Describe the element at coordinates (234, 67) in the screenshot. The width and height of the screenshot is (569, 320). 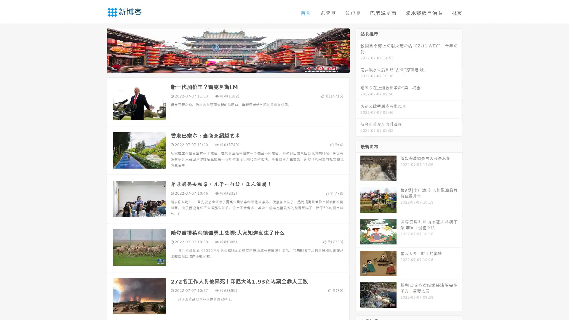
I see `Go to slide 3` at that location.